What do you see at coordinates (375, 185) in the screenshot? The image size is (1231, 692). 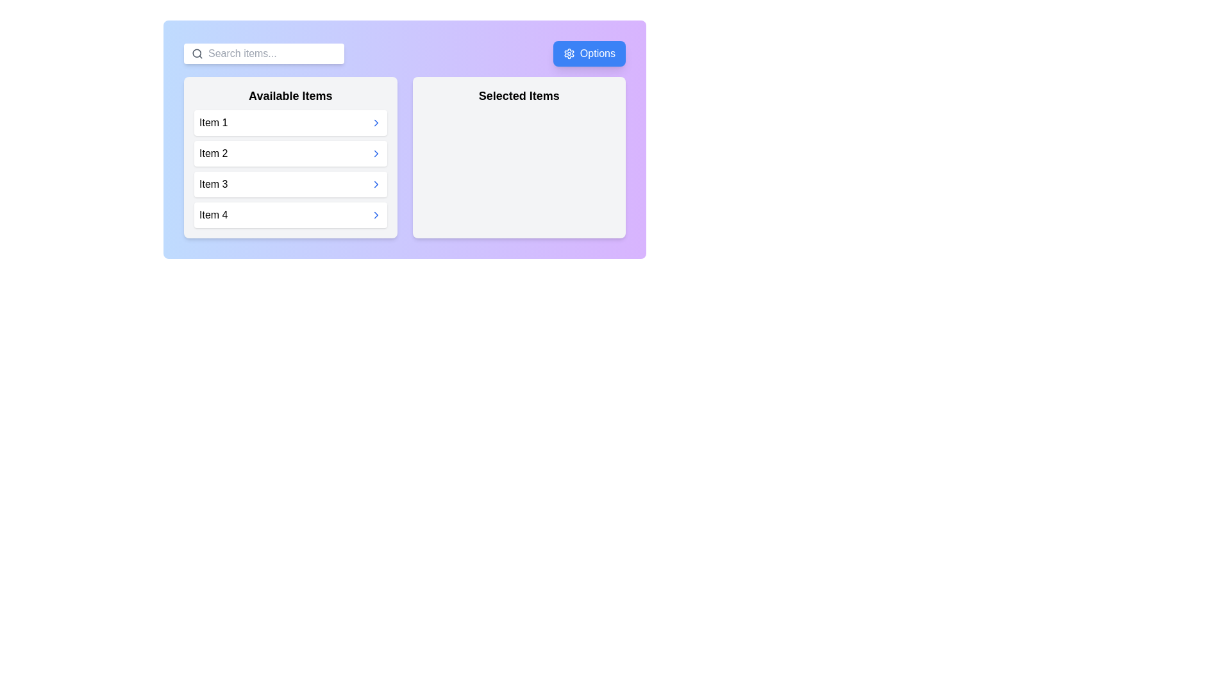 I see `right arrow button next to Item 3 in the 'Available Items' list to move it to the 'Selected Items' list` at bounding box center [375, 185].